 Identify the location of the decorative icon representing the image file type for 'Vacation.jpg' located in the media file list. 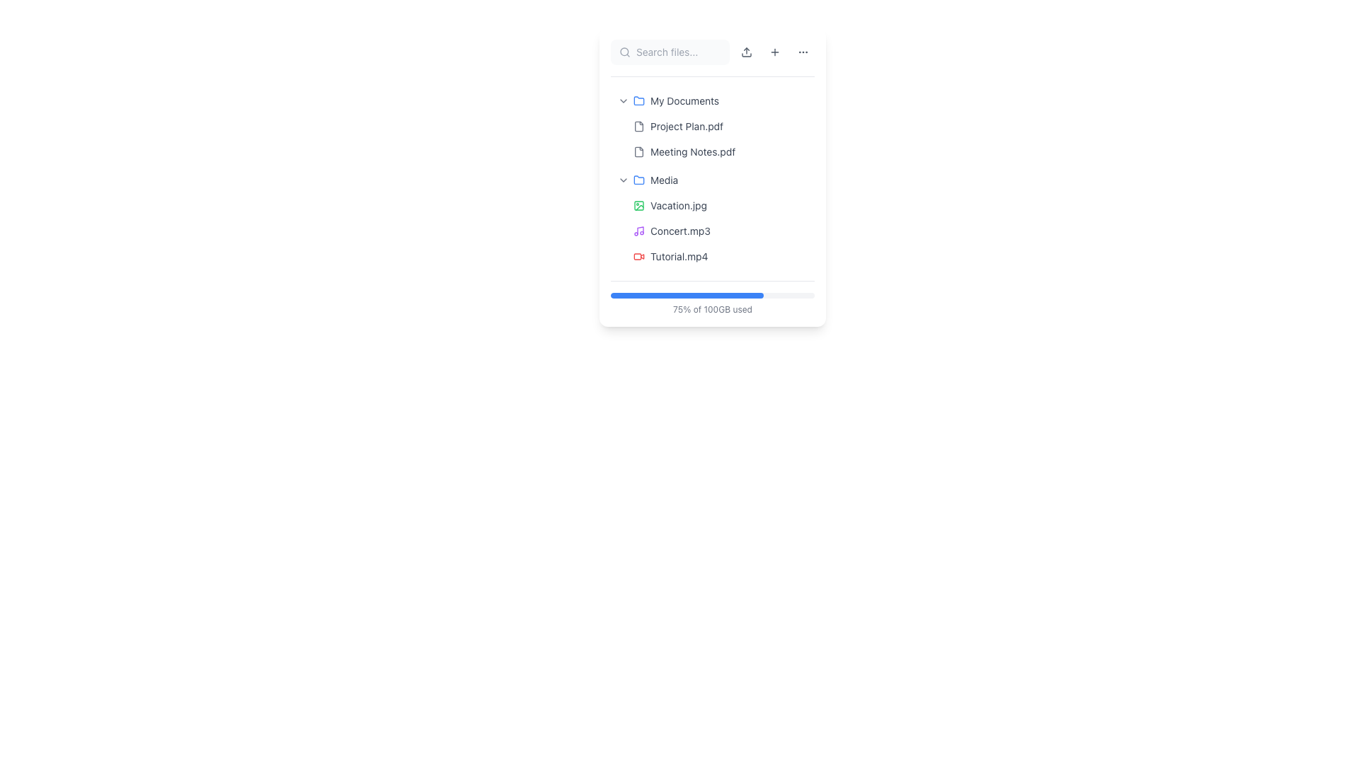
(638, 205).